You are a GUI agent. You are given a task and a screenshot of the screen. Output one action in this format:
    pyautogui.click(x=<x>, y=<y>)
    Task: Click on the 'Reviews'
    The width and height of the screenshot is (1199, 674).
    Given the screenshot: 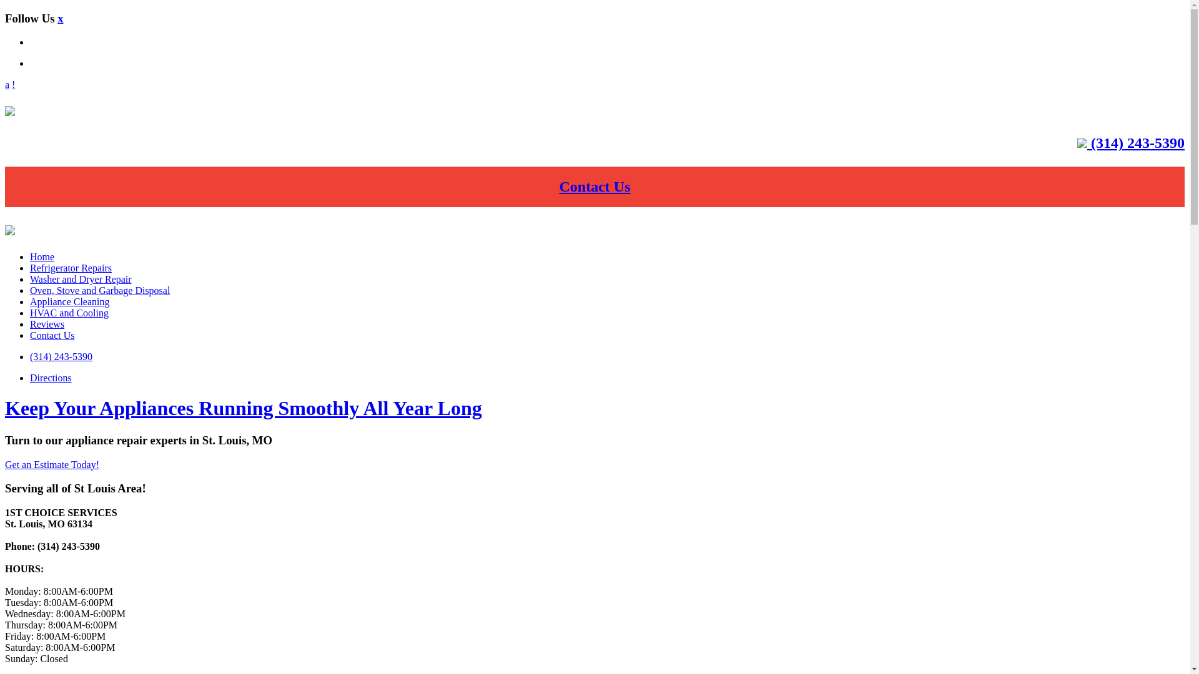 What is the action you would take?
    pyautogui.click(x=47, y=323)
    